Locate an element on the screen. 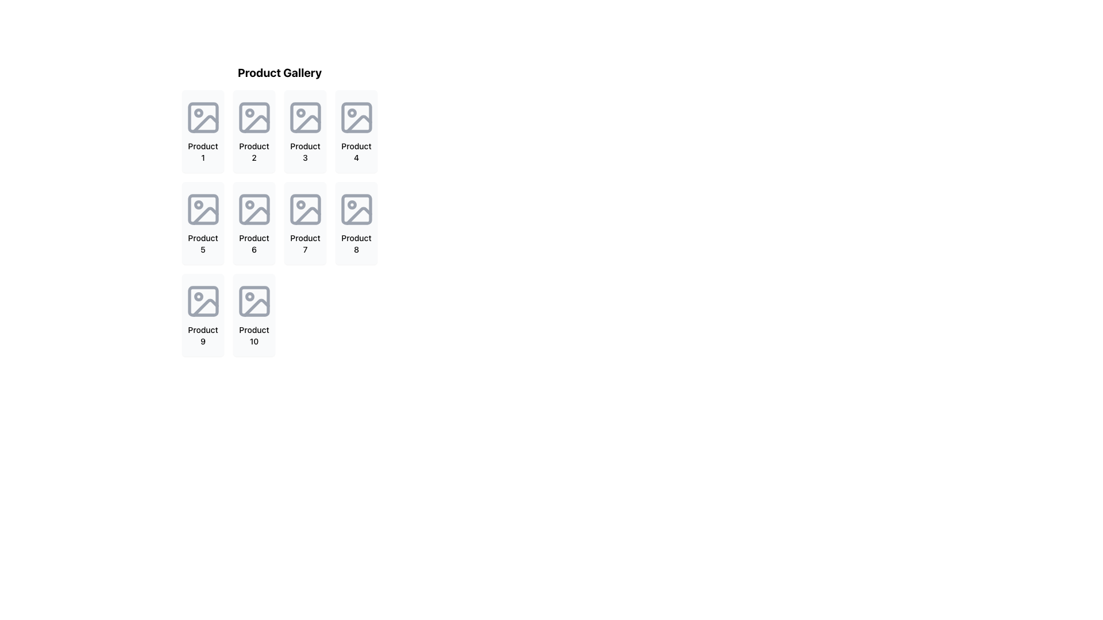 The width and height of the screenshot is (1103, 620). the decorative circle shape graphical element within the graphical icon in the eighth cell of the 'Product Gallery' grid layout, which indicates a specific feature or status is located at coordinates (351, 204).